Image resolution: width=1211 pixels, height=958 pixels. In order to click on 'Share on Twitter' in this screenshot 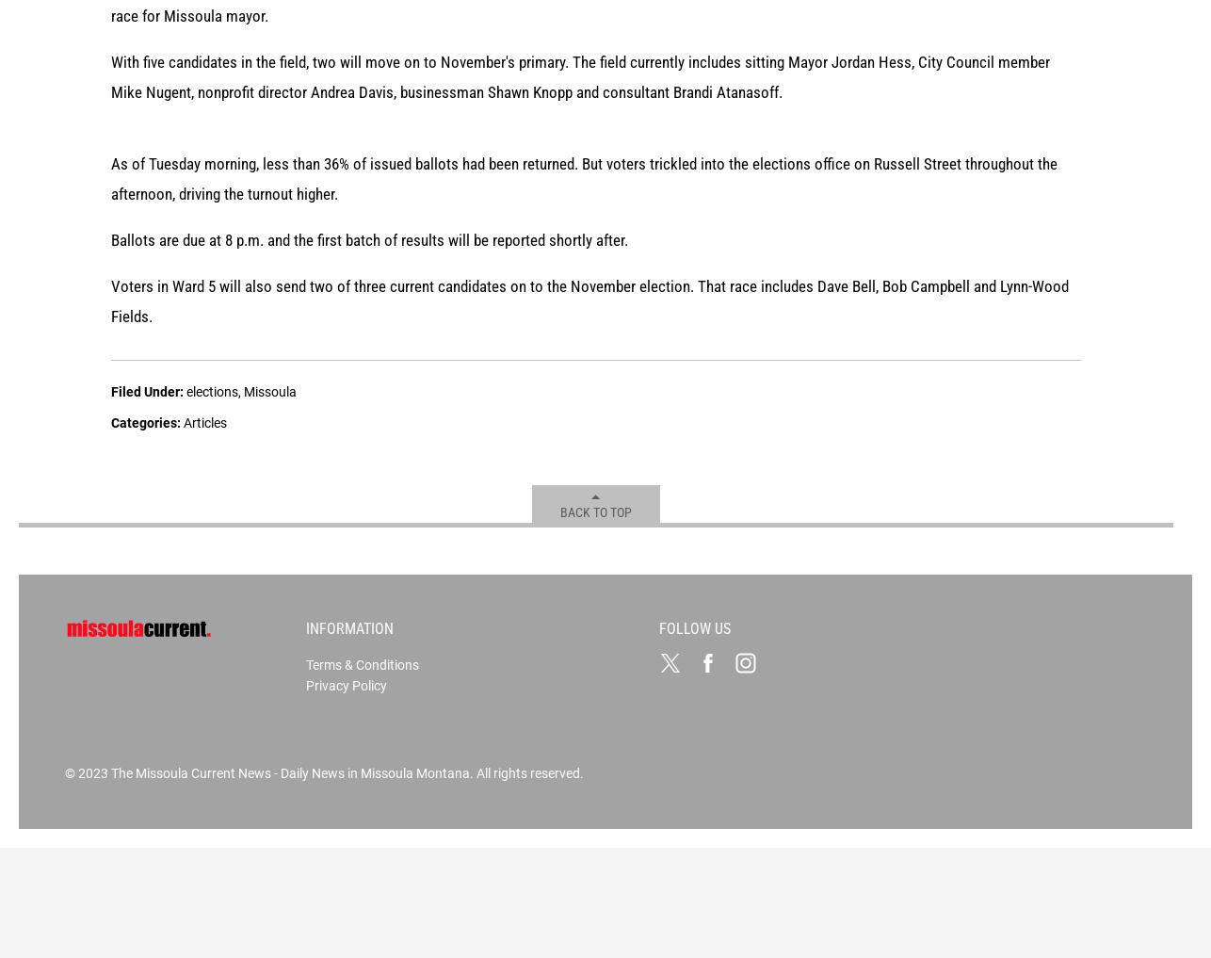, I will do `click(472, 198)`.